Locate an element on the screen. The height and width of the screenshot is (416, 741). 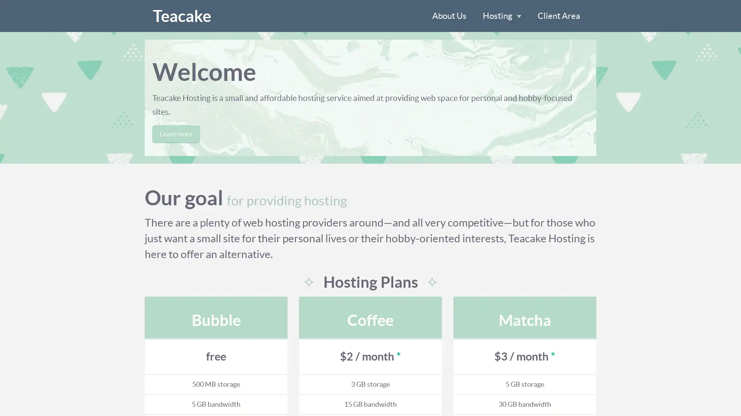
Learn more is located at coordinates (176, 133).